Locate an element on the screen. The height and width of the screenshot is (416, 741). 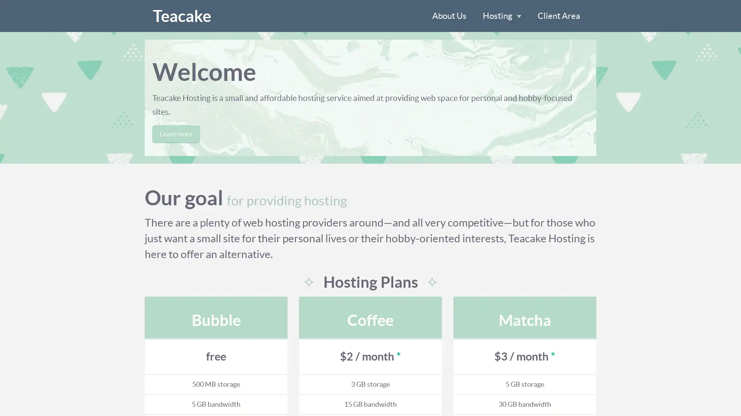
Learn more is located at coordinates (176, 133).